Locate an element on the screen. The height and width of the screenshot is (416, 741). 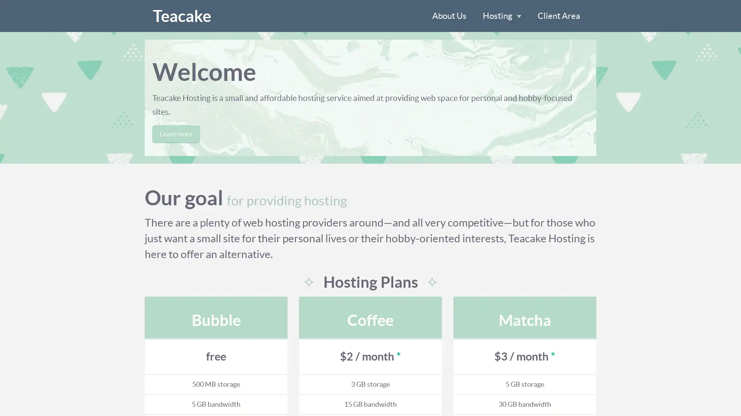
Learn more is located at coordinates (176, 133).